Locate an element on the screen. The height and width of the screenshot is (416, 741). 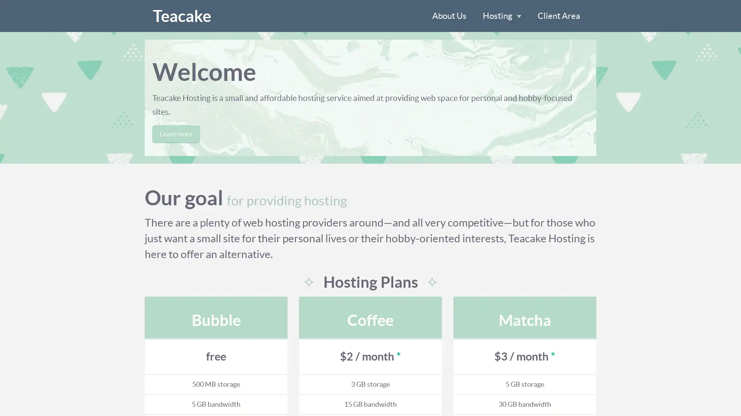
Learn more is located at coordinates (176, 133).